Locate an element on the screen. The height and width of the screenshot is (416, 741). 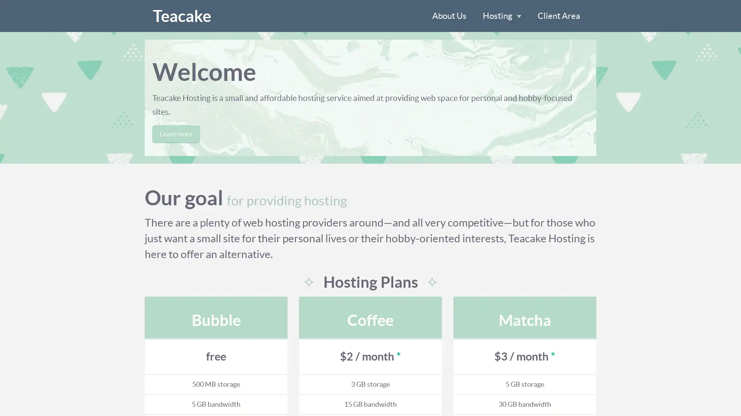
Learn more is located at coordinates (176, 133).